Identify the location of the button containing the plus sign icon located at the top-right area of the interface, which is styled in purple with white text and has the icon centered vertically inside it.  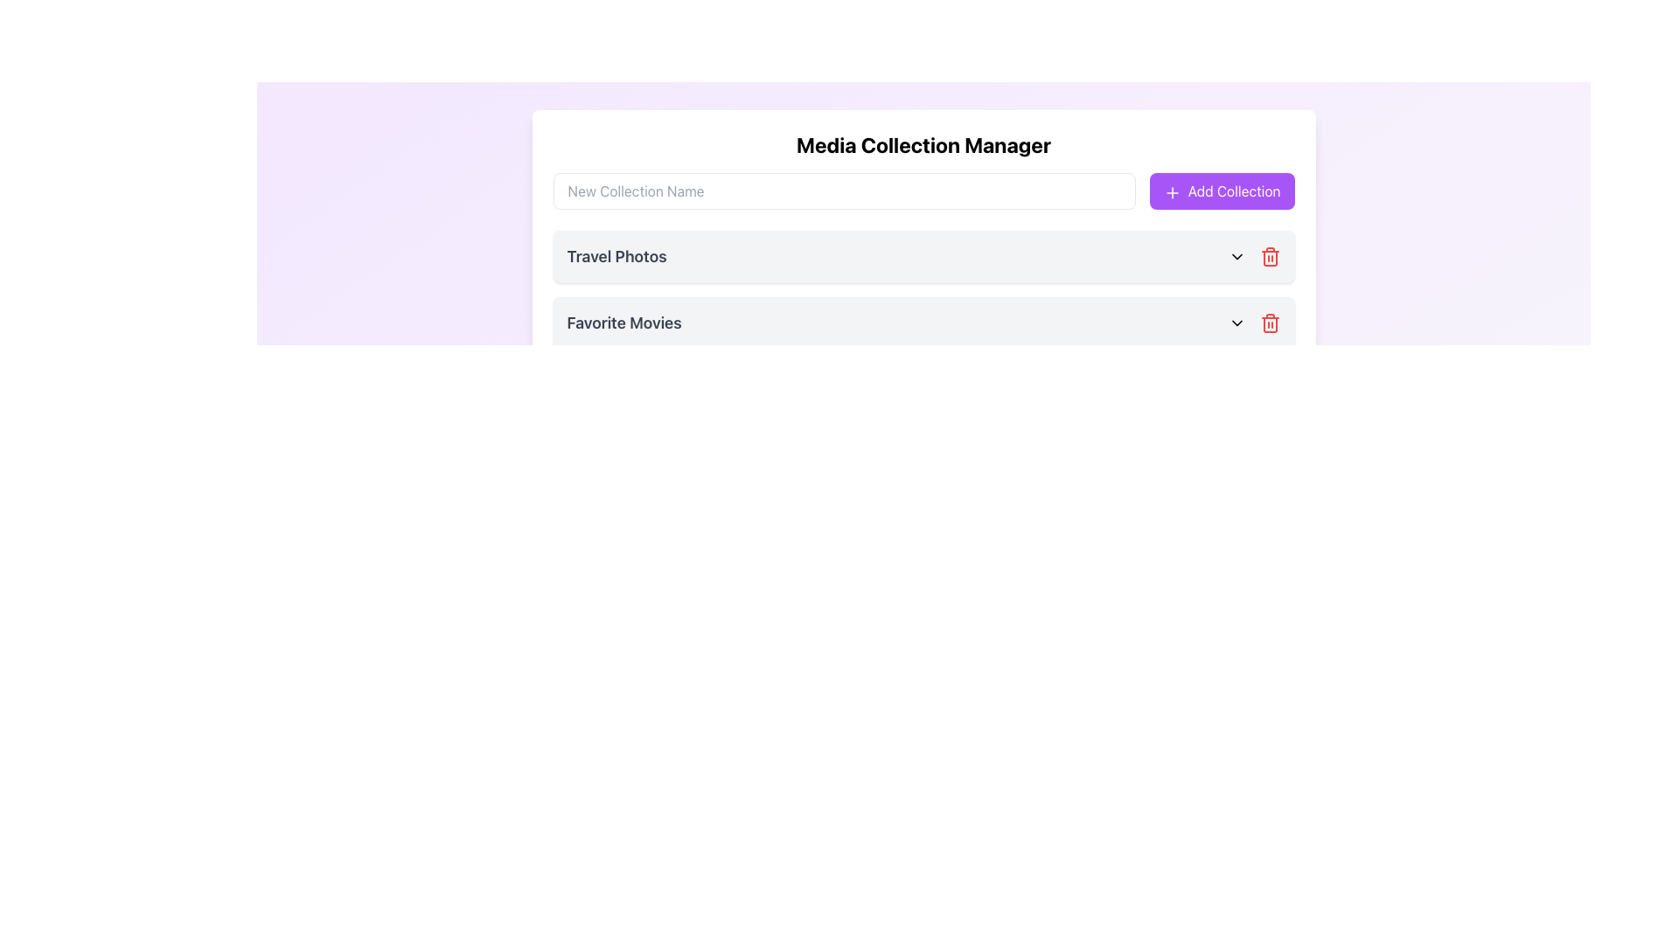
(1172, 192).